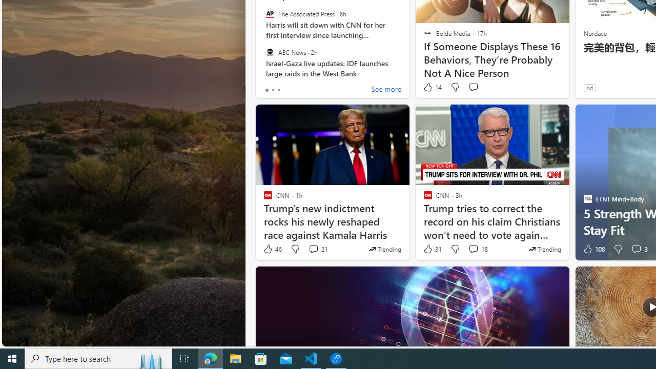  Describe the element at coordinates (477, 249) in the screenshot. I see `'View comments 18 Comment'` at that location.